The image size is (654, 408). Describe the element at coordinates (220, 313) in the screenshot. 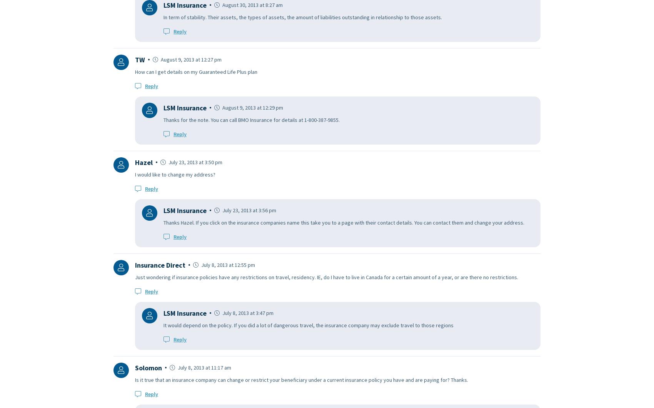

I see `'July 8, 2013 at 3:47 pm'` at that location.